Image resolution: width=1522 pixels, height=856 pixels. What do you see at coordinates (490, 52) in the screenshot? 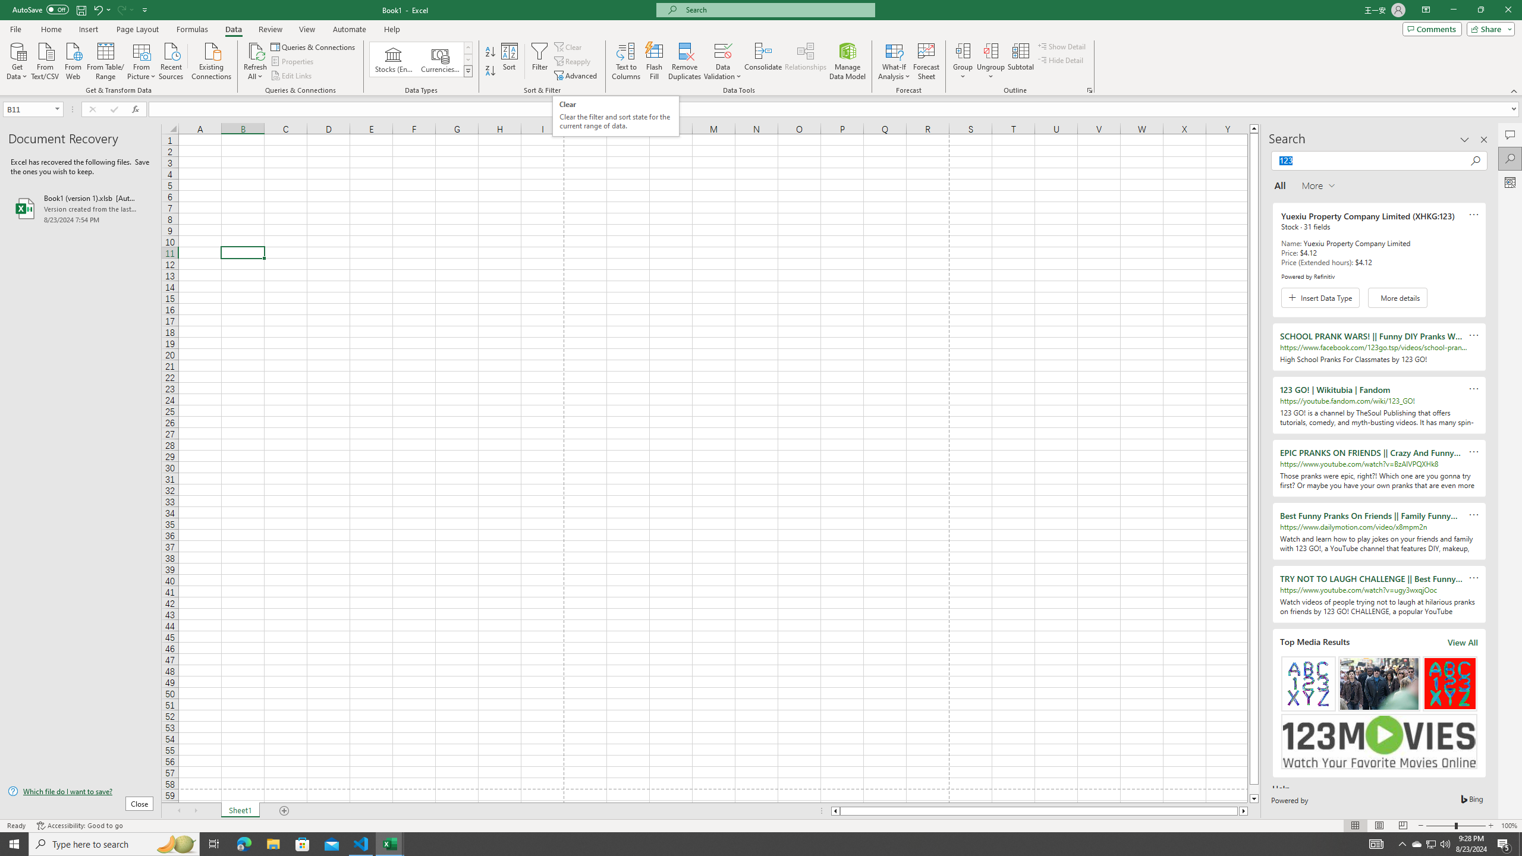
I see `'Sort A to Z'` at bounding box center [490, 52].